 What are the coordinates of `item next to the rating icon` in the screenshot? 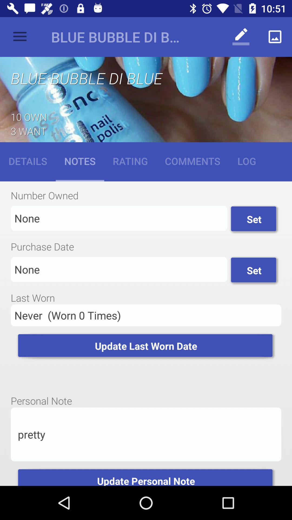 It's located at (80, 161).